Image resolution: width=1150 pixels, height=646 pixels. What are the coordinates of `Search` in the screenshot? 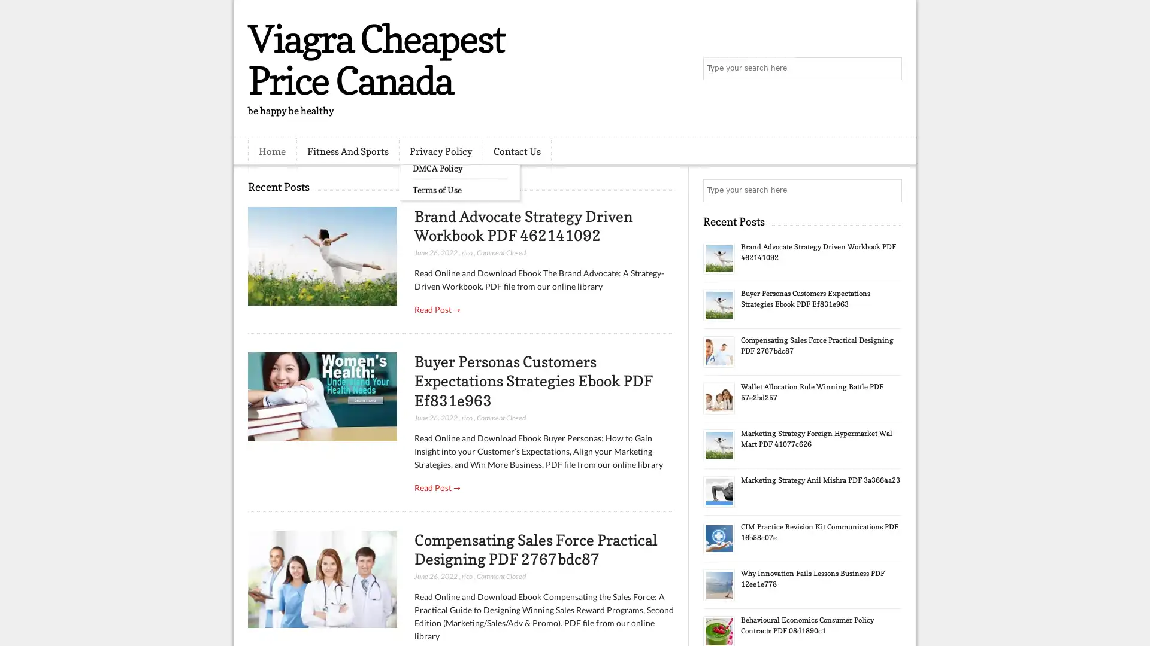 It's located at (889, 190).